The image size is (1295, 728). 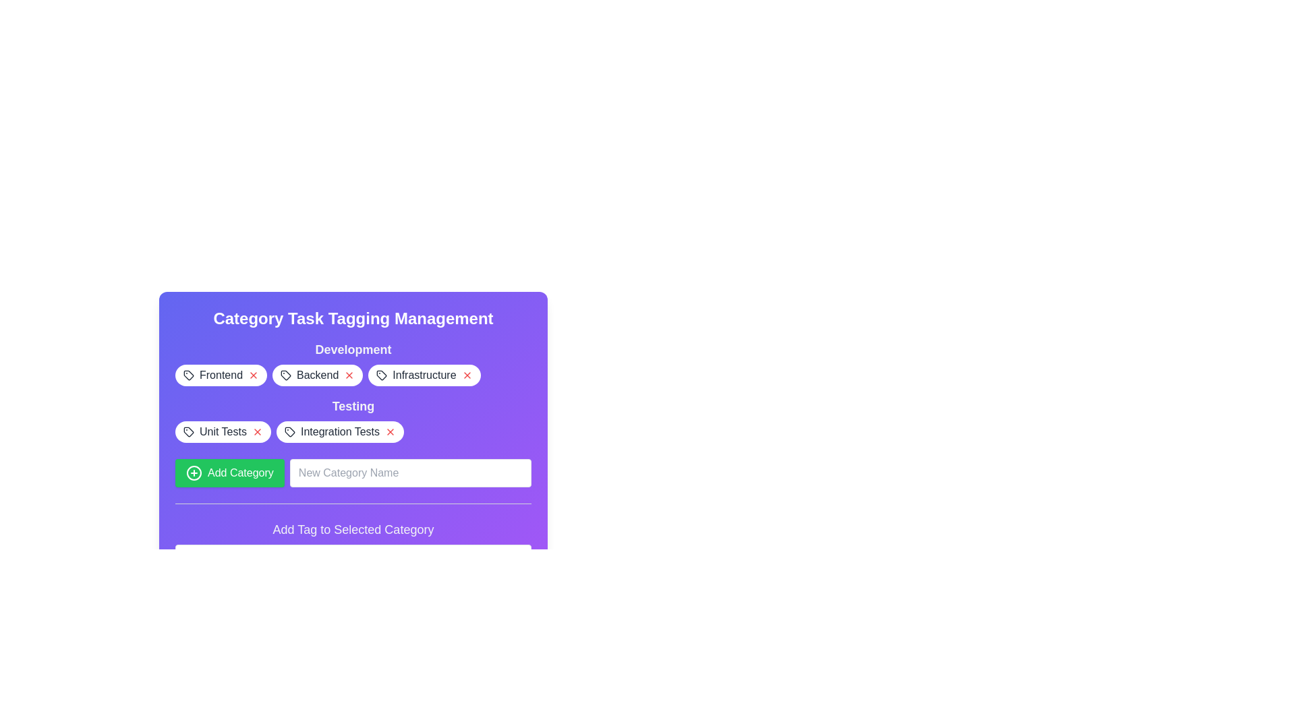 What do you see at coordinates (353, 375) in the screenshot?
I see `the individual tag buttons in the group located under the 'Development' heading by clicking on them` at bounding box center [353, 375].